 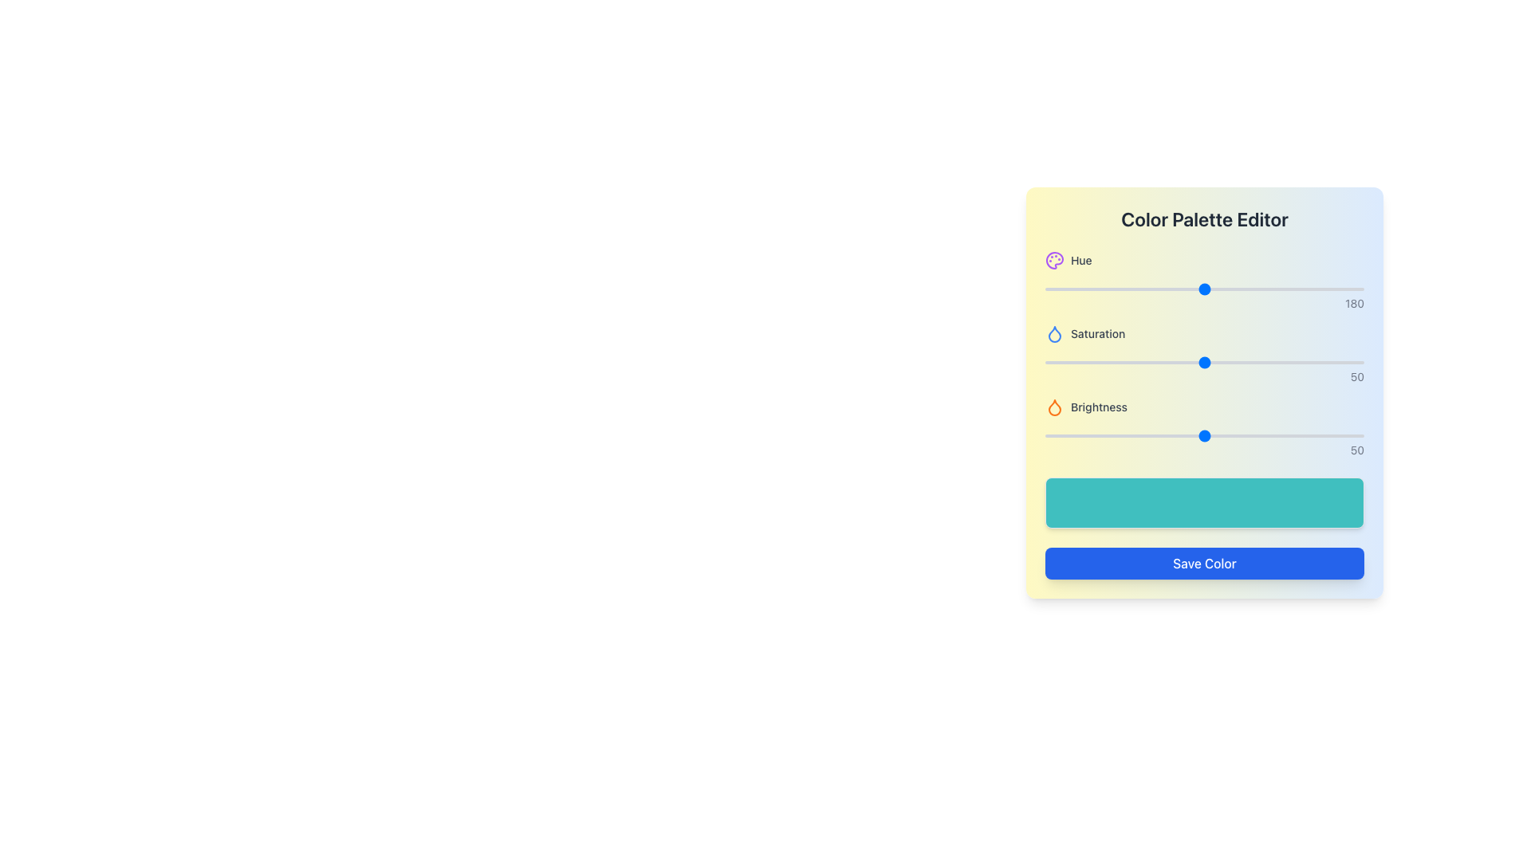 I want to click on the rectangular button with a blue background and white text labeled 'Save Color' to observe any hover effects, so click(x=1205, y=562).